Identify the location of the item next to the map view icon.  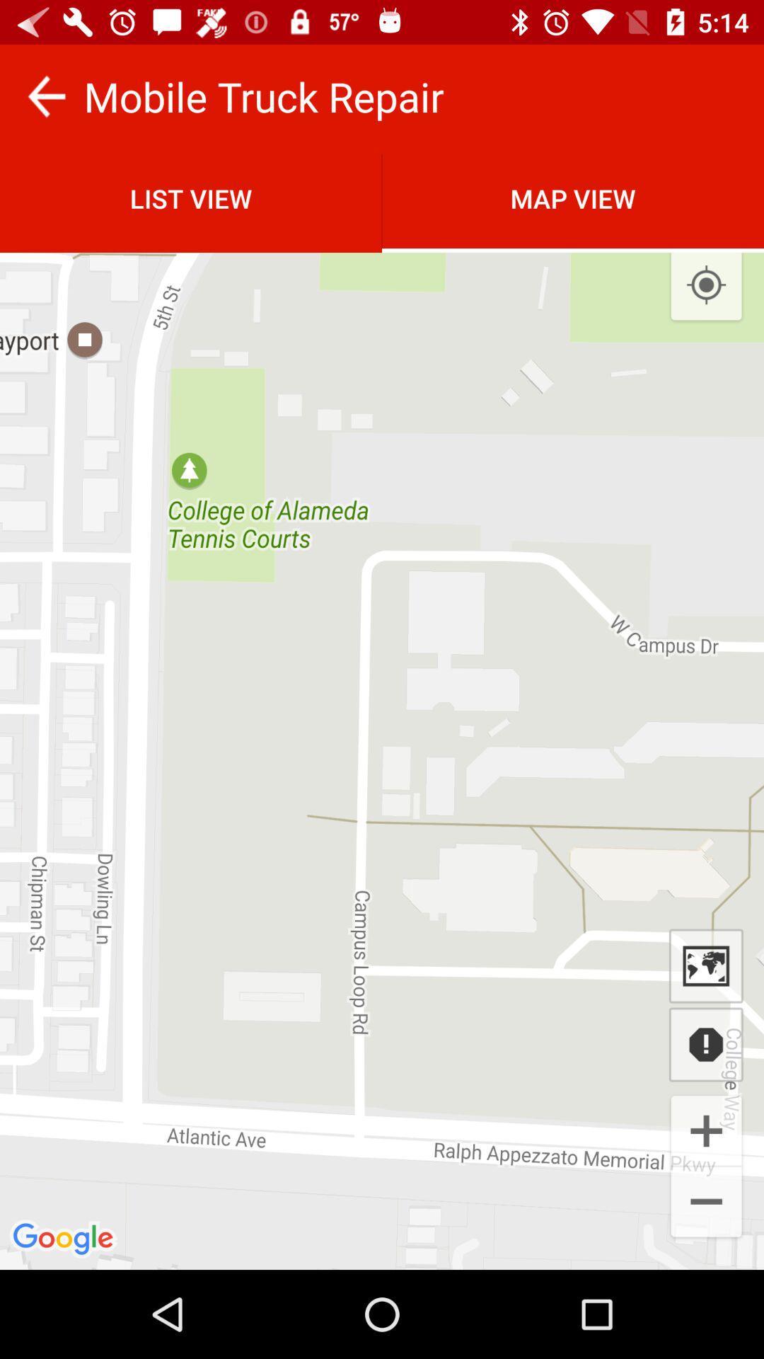
(191, 197).